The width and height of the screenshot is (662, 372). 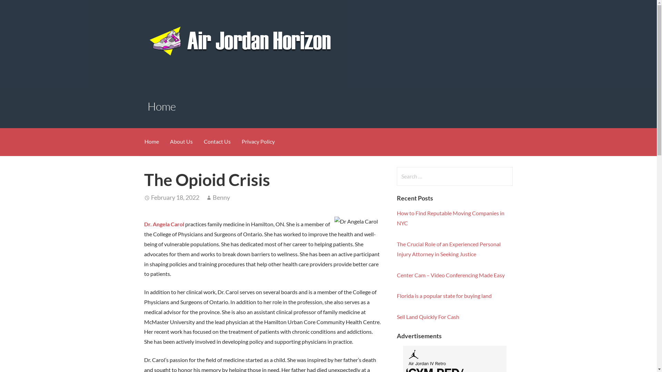 What do you see at coordinates (444, 295) in the screenshot?
I see `'Florida is a popular state for buying land'` at bounding box center [444, 295].